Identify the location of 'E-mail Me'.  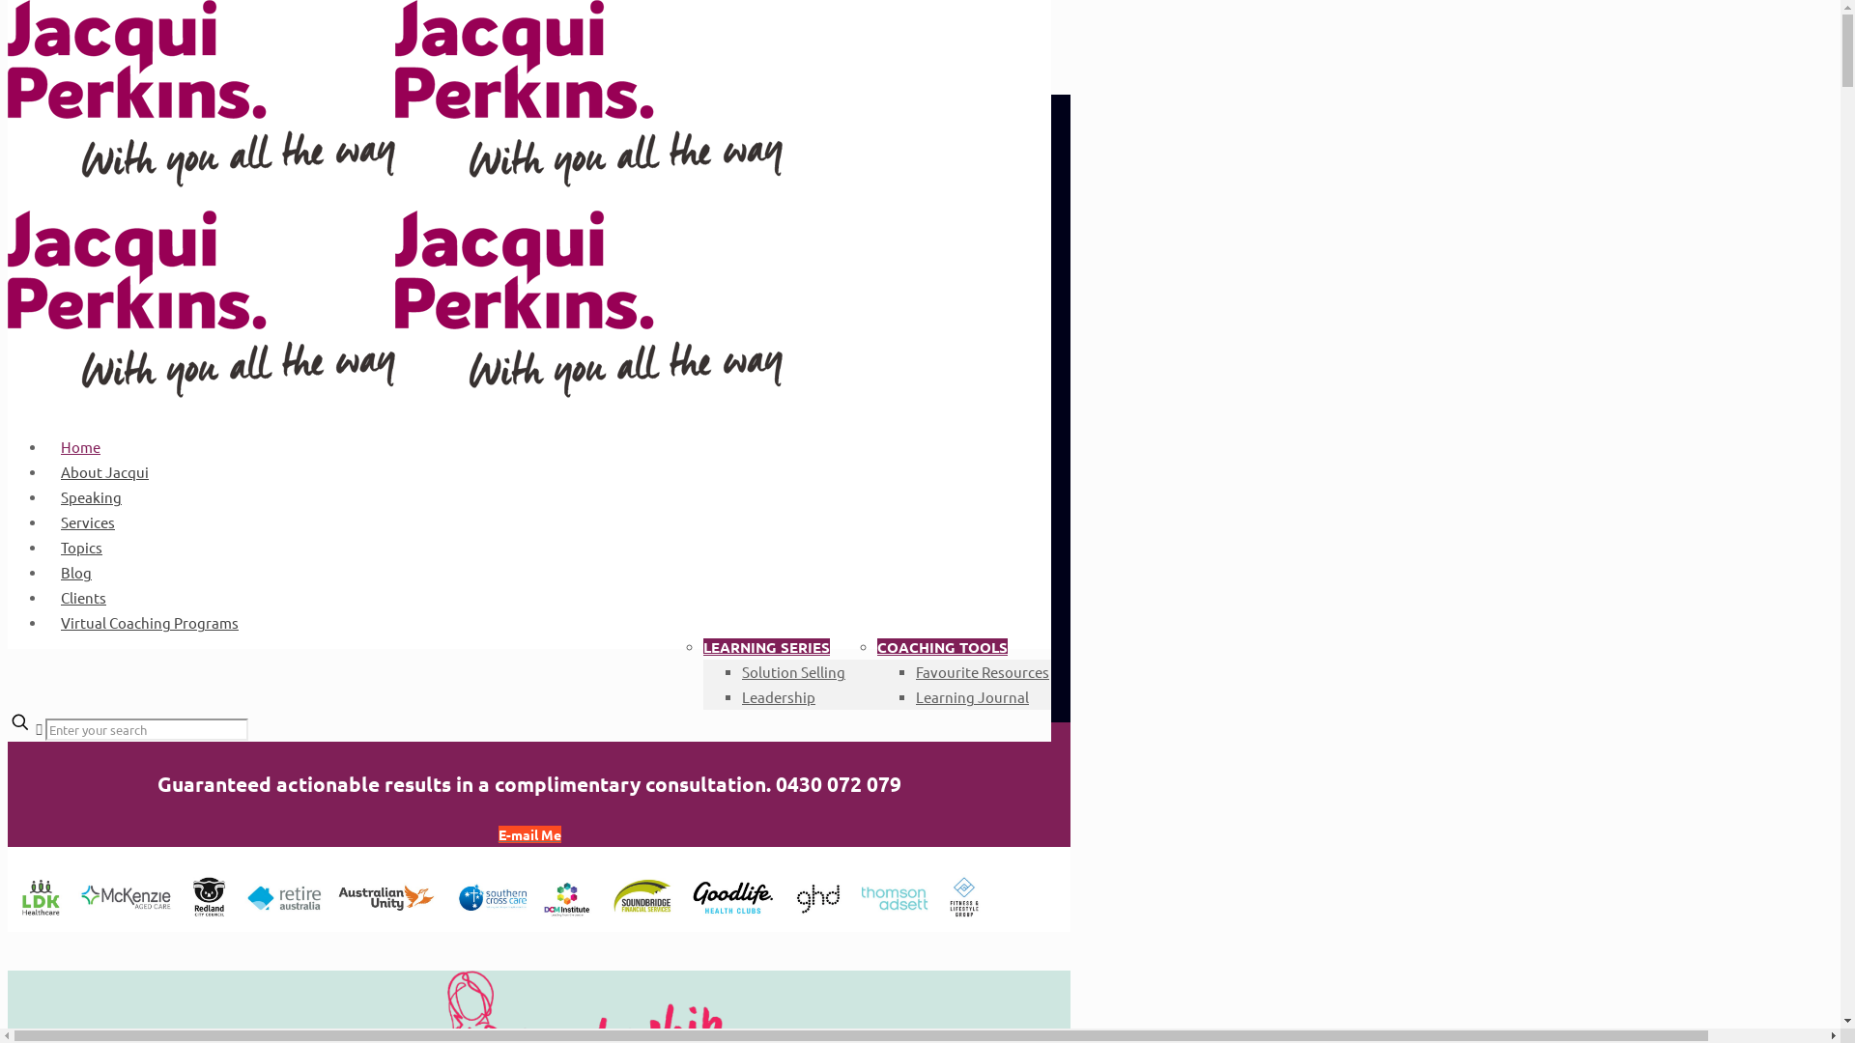
(529, 833).